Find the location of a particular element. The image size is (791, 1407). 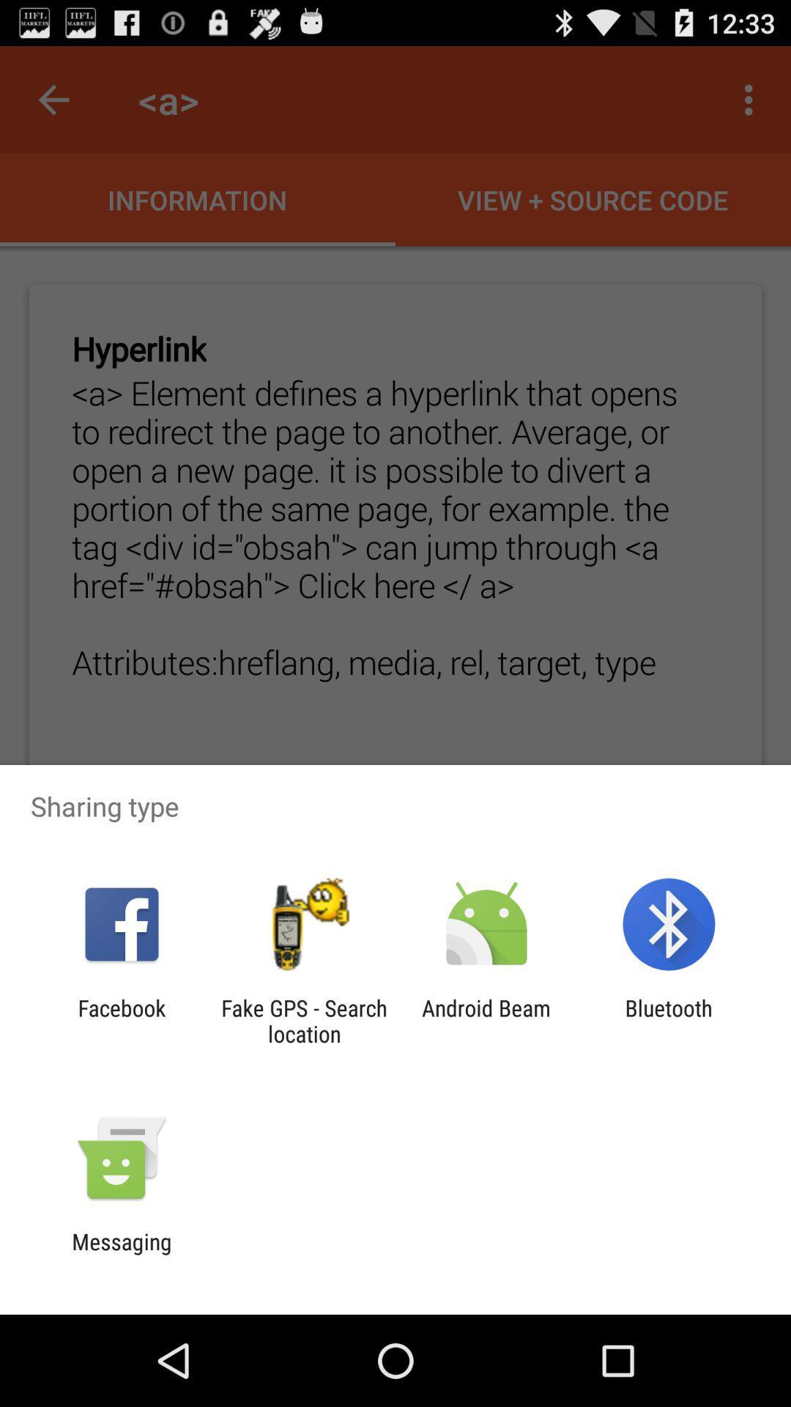

the facebook icon is located at coordinates (121, 1020).